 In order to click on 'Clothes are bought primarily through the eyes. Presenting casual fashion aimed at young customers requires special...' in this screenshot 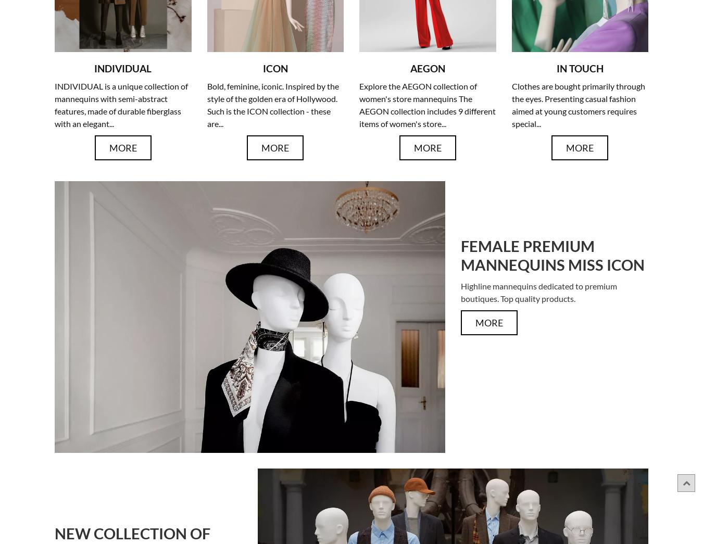, I will do `click(578, 105)`.